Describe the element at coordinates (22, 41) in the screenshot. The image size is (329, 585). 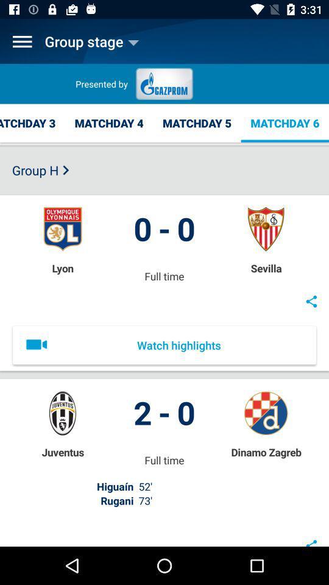
I see `open menu` at that location.